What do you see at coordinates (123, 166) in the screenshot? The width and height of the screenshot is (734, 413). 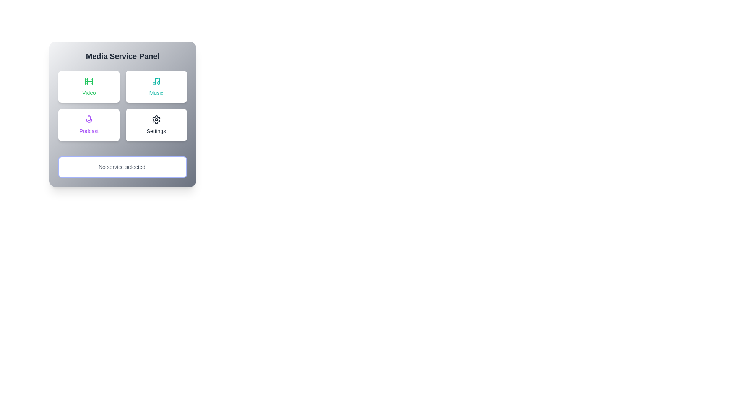 I see `the Static Text Label indicating no service is currently selected, located in the center-bottom section of the Media Service Panel` at bounding box center [123, 166].